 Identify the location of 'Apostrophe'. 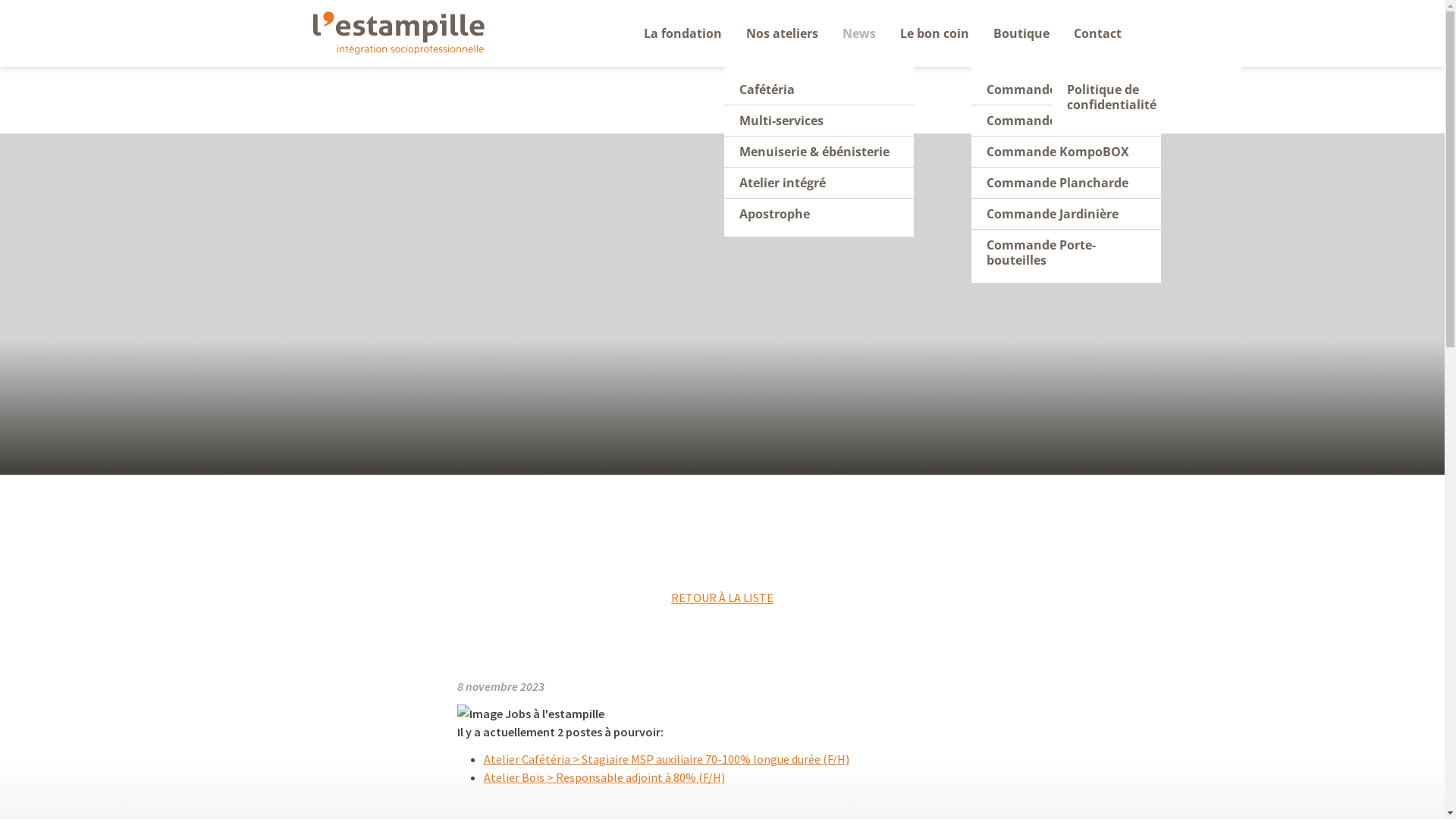
(817, 213).